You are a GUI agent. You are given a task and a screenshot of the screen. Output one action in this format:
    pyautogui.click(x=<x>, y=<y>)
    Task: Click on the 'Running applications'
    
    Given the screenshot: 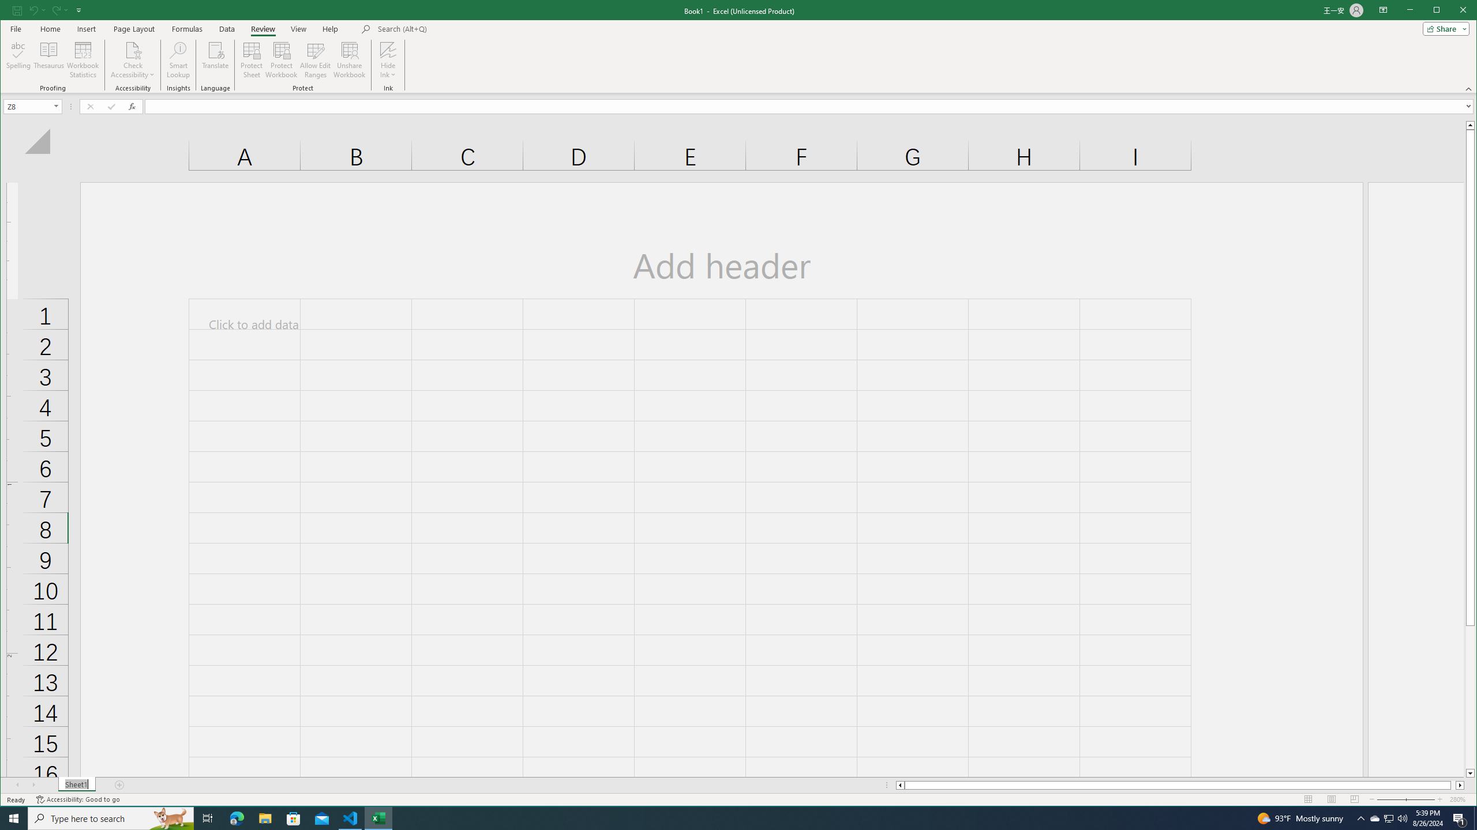 What is the action you would take?
    pyautogui.click(x=728, y=817)
    